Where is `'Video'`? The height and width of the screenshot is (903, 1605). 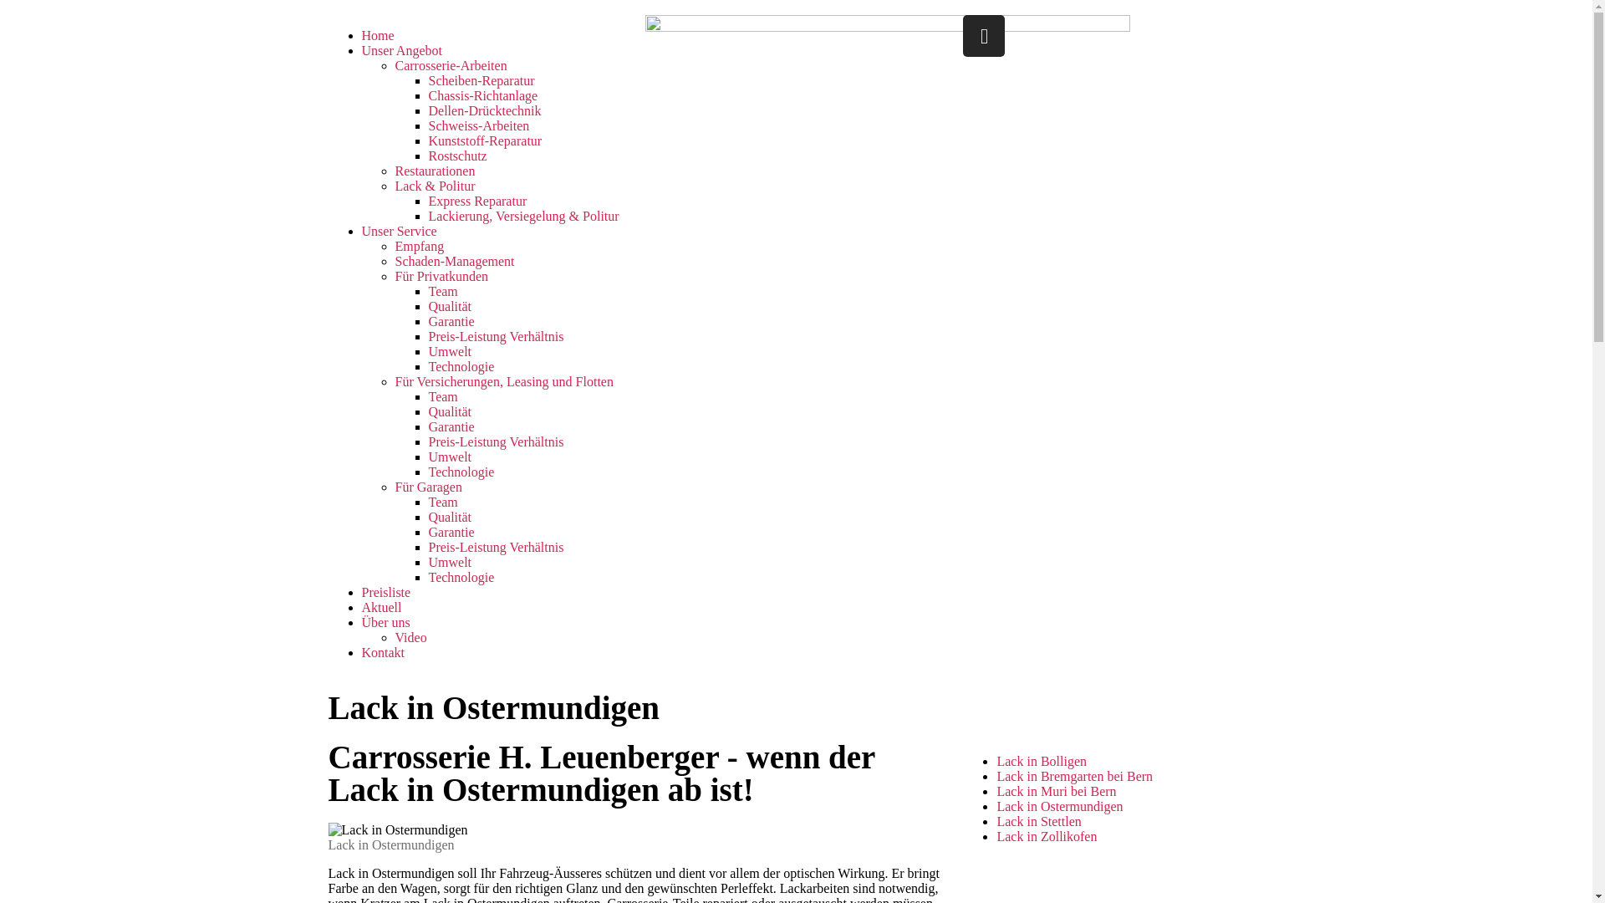
'Video' is located at coordinates (410, 637).